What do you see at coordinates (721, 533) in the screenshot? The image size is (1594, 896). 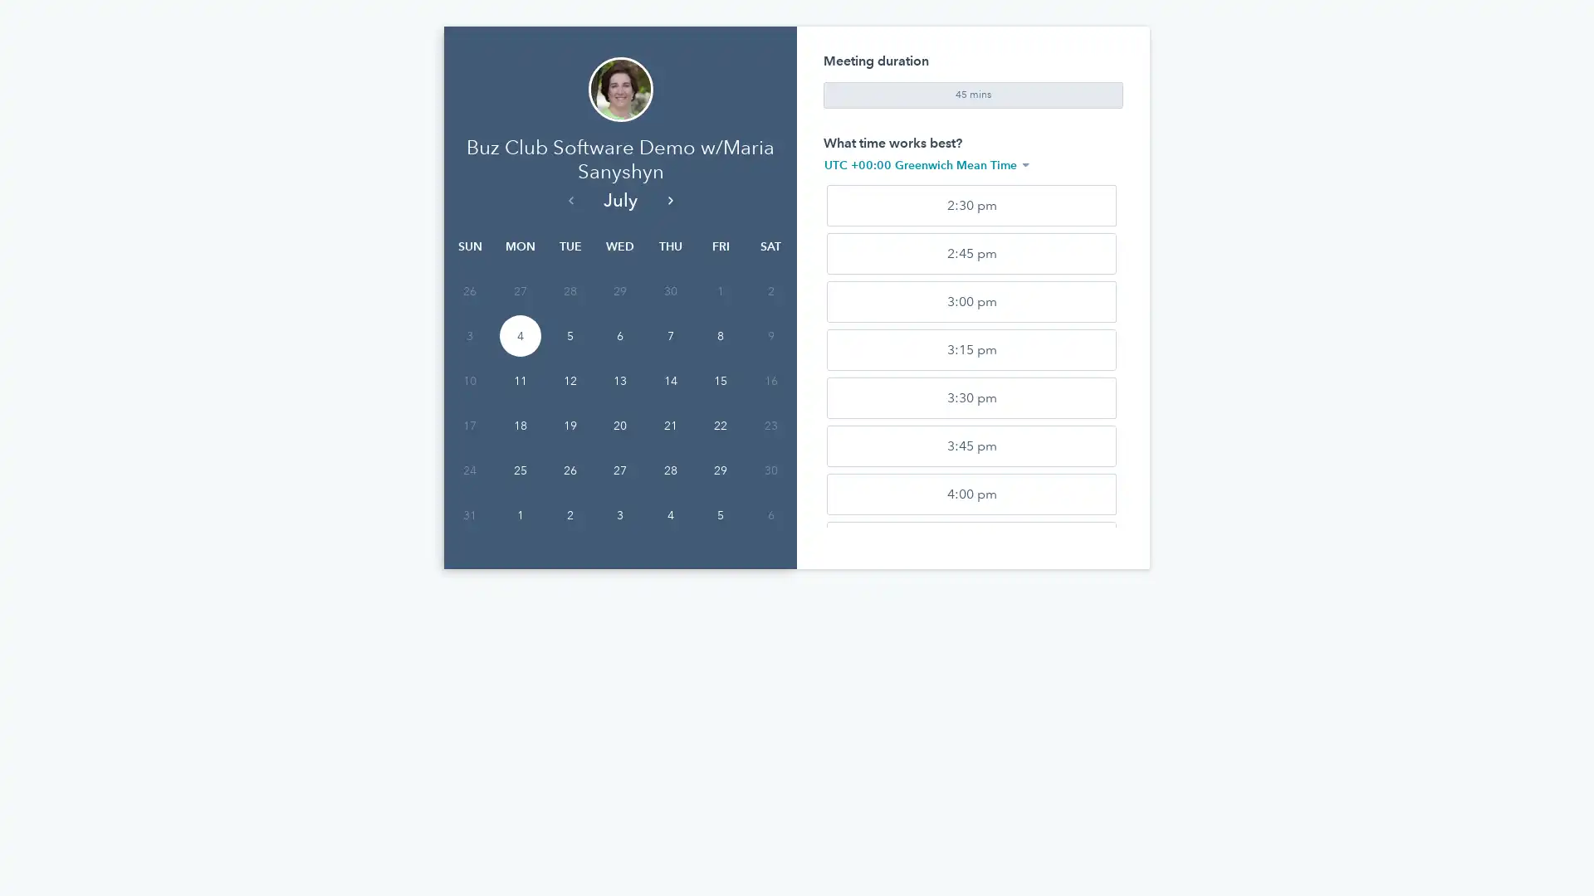 I see `July 29th` at bounding box center [721, 533].